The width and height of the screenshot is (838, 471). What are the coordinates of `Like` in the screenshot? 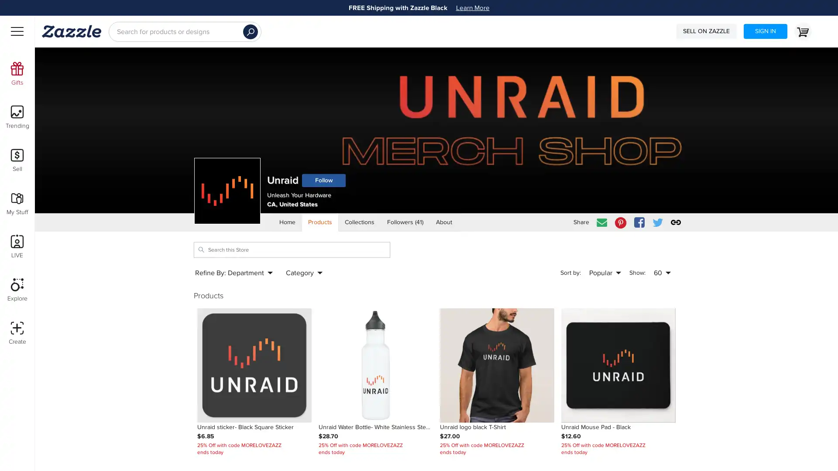 It's located at (545, 316).